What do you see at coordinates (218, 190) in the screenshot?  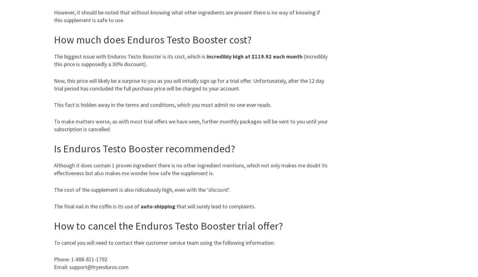 I see `'discount'` at bounding box center [218, 190].